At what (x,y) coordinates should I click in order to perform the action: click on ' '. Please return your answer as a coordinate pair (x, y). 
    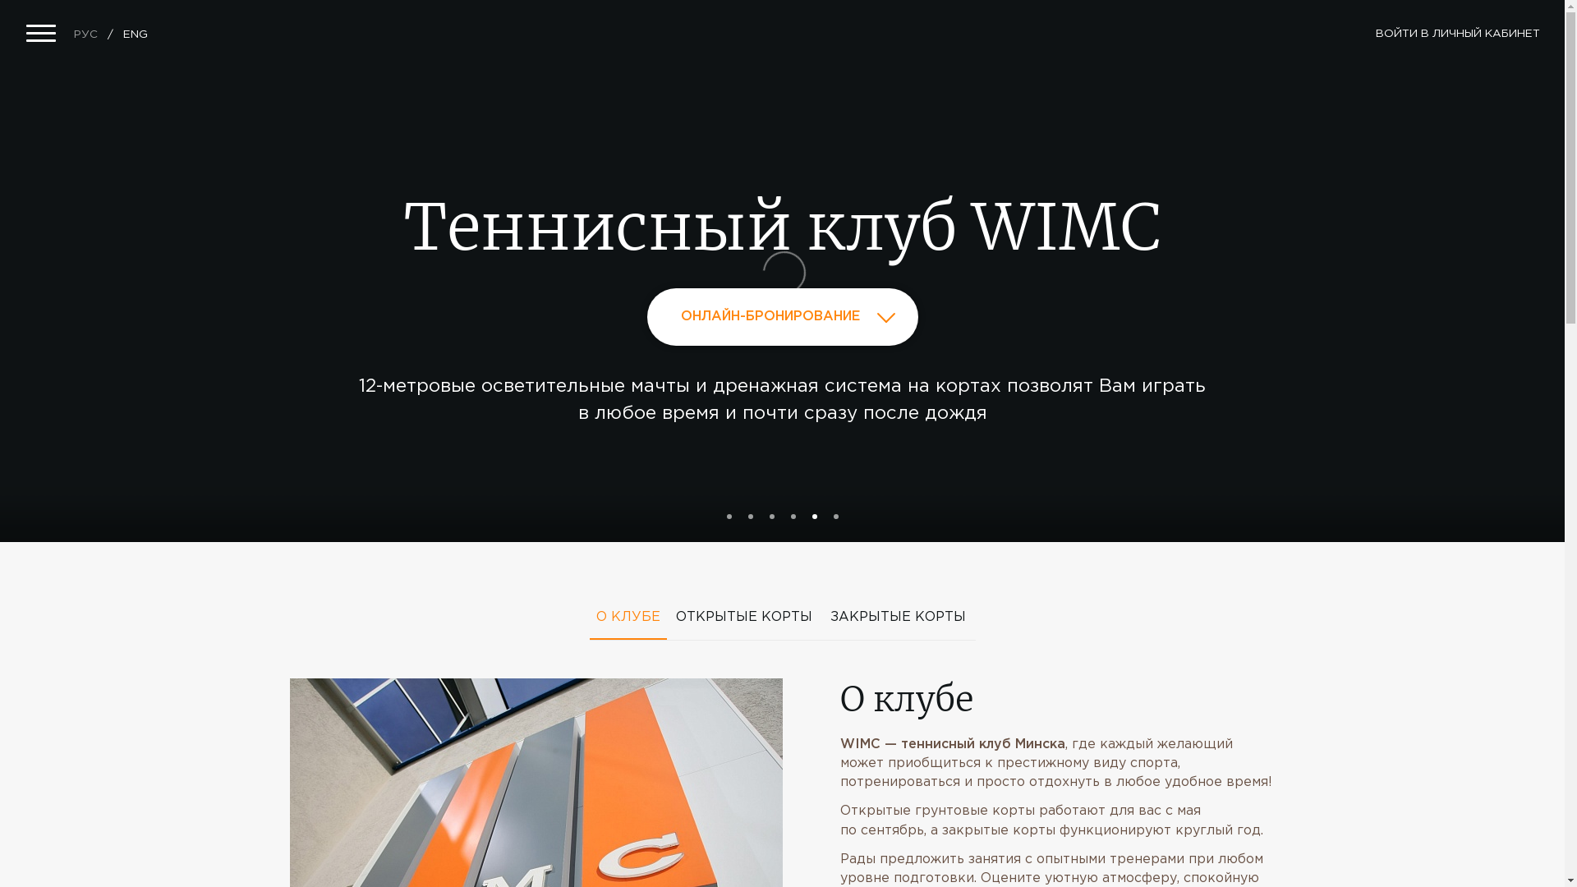
    Looking at the image, I should click on (288, 548).